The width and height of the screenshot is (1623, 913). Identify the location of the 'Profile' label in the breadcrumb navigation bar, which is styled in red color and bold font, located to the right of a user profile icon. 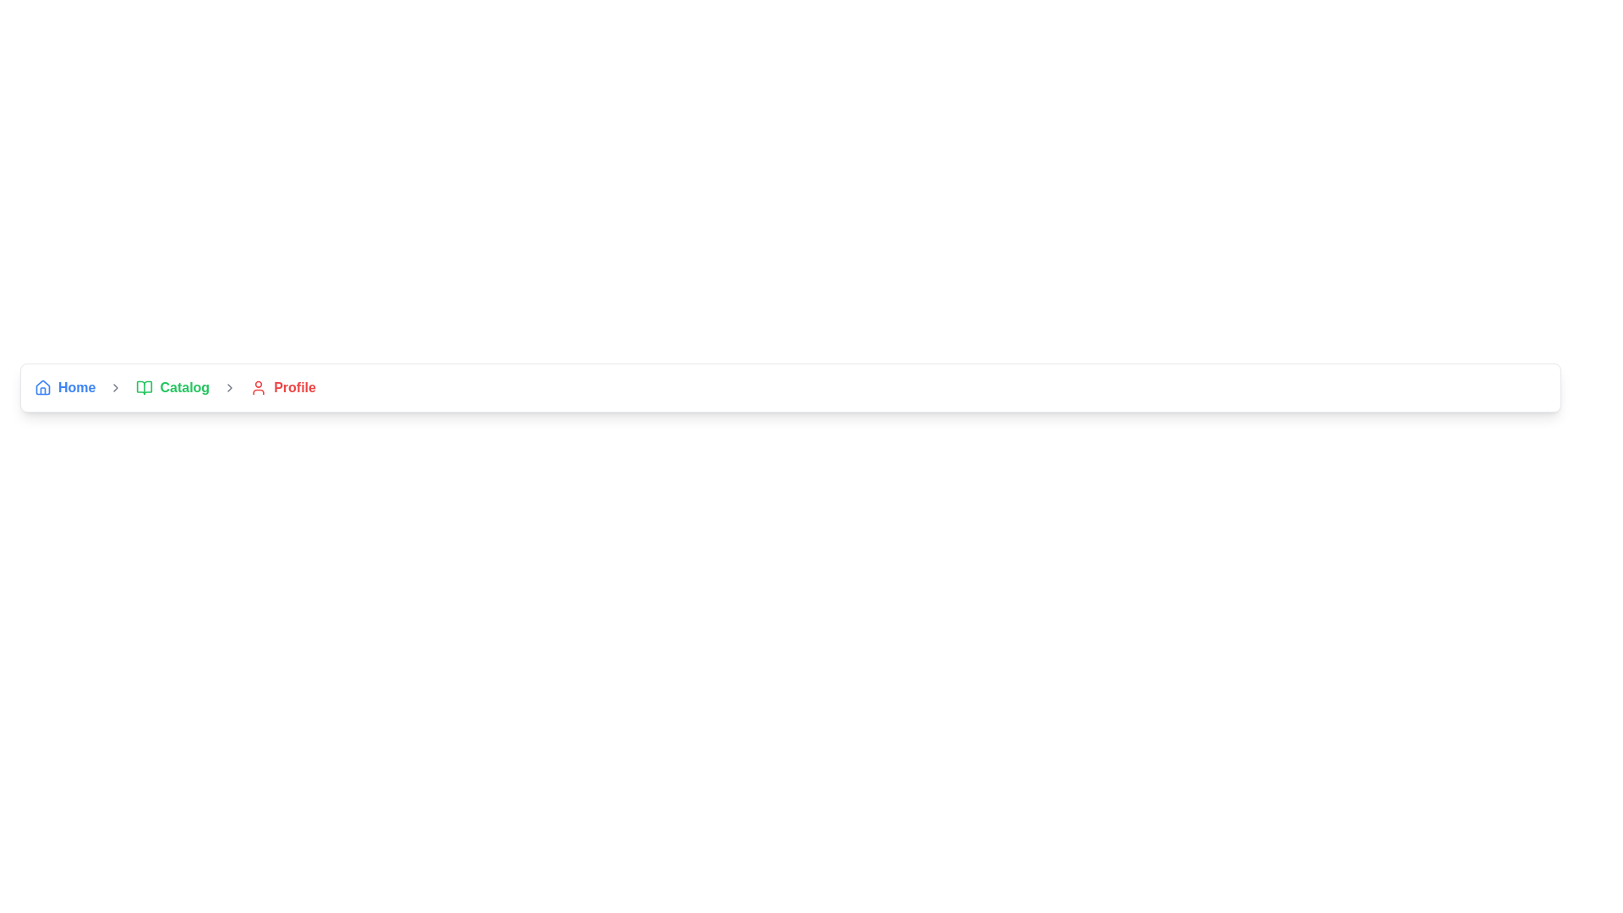
(295, 388).